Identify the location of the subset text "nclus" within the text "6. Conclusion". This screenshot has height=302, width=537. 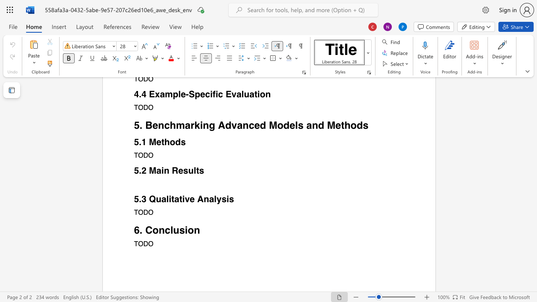
(159, 230).